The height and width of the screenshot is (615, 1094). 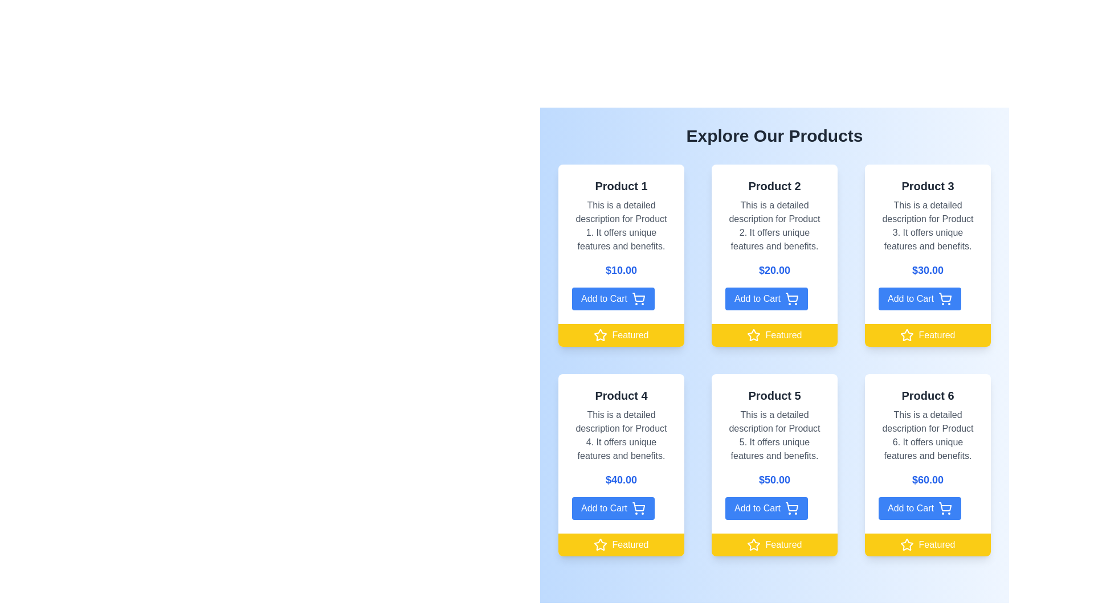 What do you see at coordinates (774, 226) in the screenshot?
I see `the text label displaying the description for 'Product 2', which is positioned below the title and above the price label` at bounding box center [774, 226].